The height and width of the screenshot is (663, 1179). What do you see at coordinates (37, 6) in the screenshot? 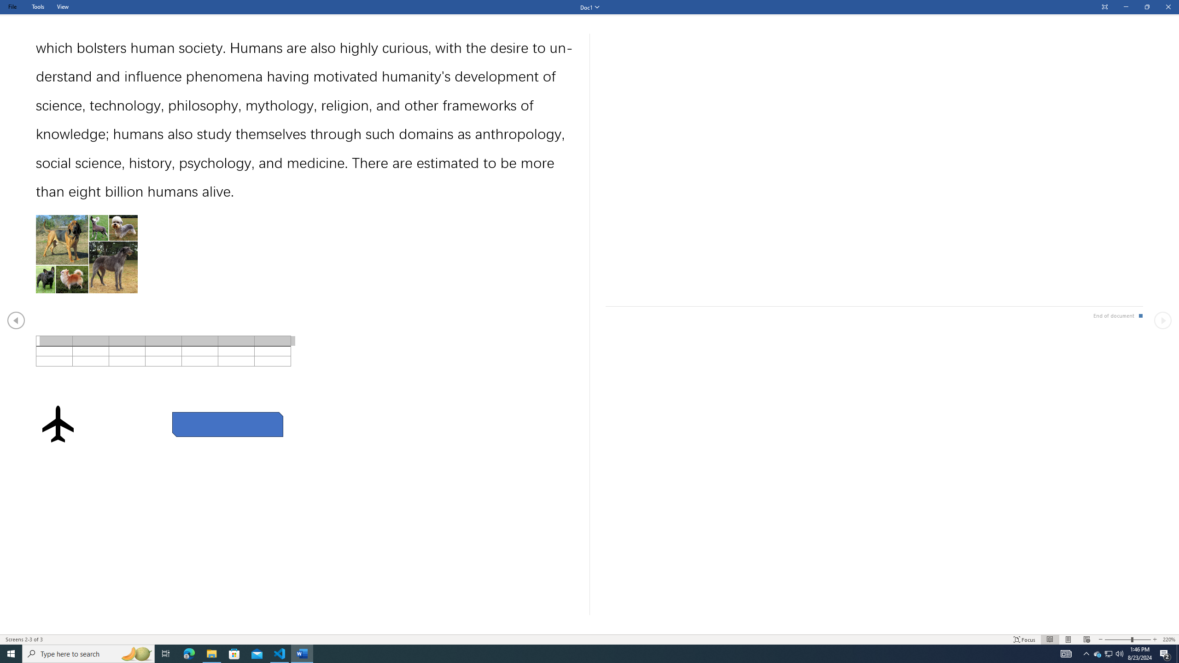
I see `'Tools'` at bounding box center [37, 6].